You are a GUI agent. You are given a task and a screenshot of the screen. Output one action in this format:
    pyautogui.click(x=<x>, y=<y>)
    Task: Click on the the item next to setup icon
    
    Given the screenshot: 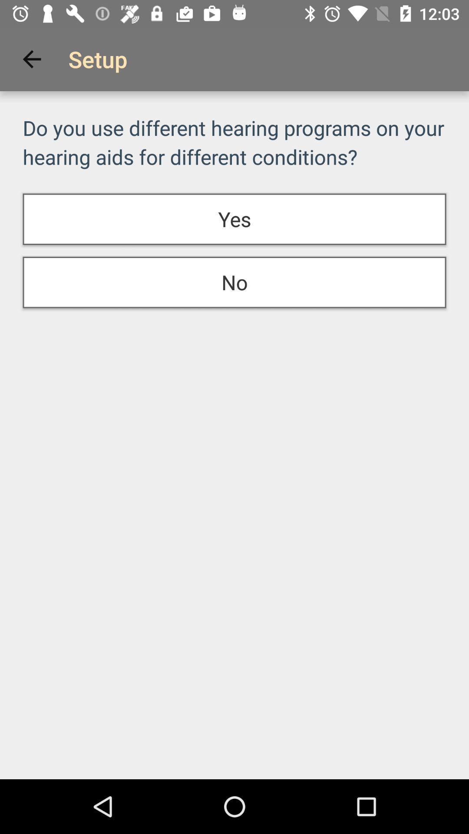 What is the action you would take?
    pyautogui.click(x=31, y=59)
    